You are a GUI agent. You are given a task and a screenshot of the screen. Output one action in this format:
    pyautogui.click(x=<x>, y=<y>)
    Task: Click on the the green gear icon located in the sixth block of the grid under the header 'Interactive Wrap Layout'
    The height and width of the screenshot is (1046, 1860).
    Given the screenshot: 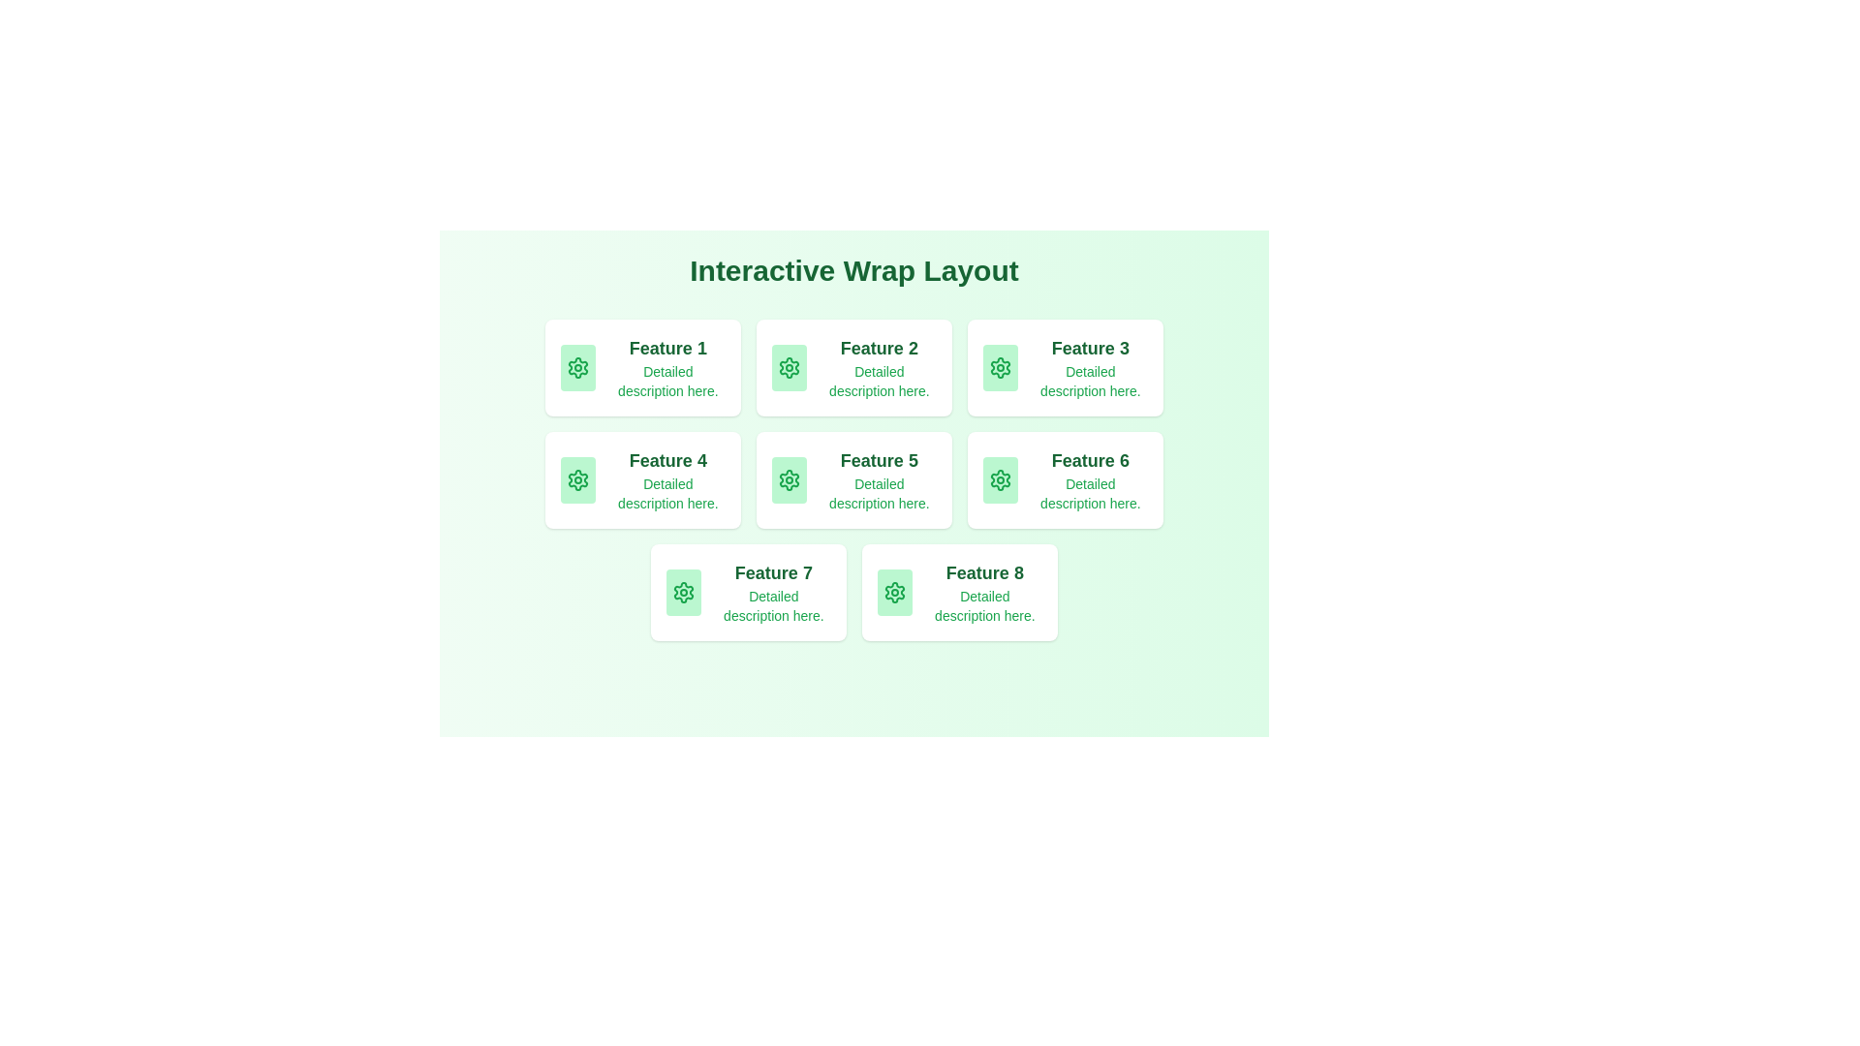 What is the action you would take?
    pyautogui.click(x=1000, y=479)
    